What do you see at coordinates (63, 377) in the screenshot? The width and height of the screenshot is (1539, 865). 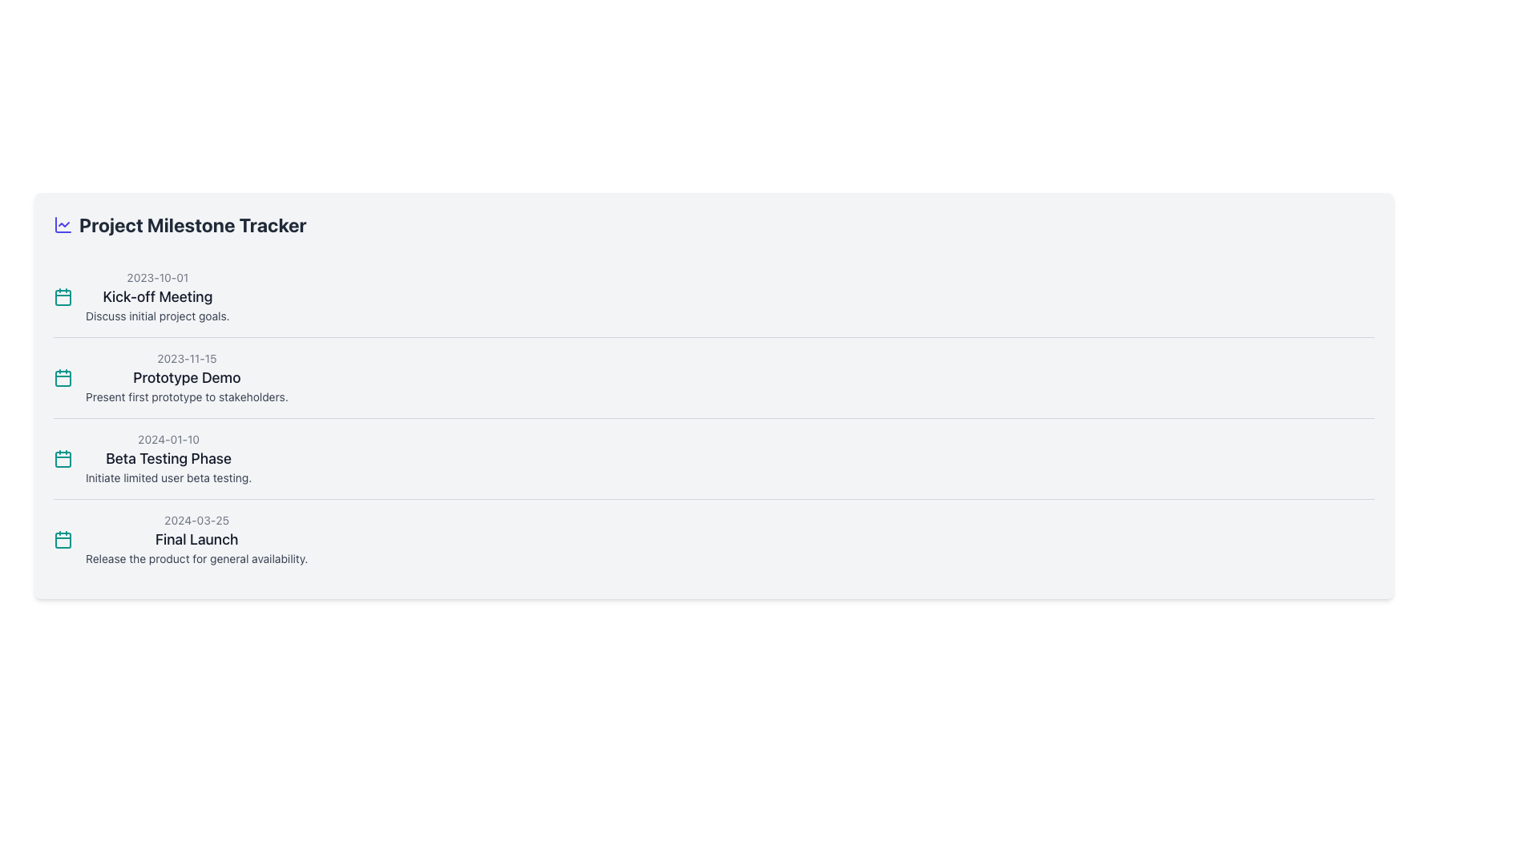 I see `the calendar icon representing the date '2023-11-15' for the 'Prototype Demo' milestone, located to the left of the milestone text` at bounding box center [63, 377].